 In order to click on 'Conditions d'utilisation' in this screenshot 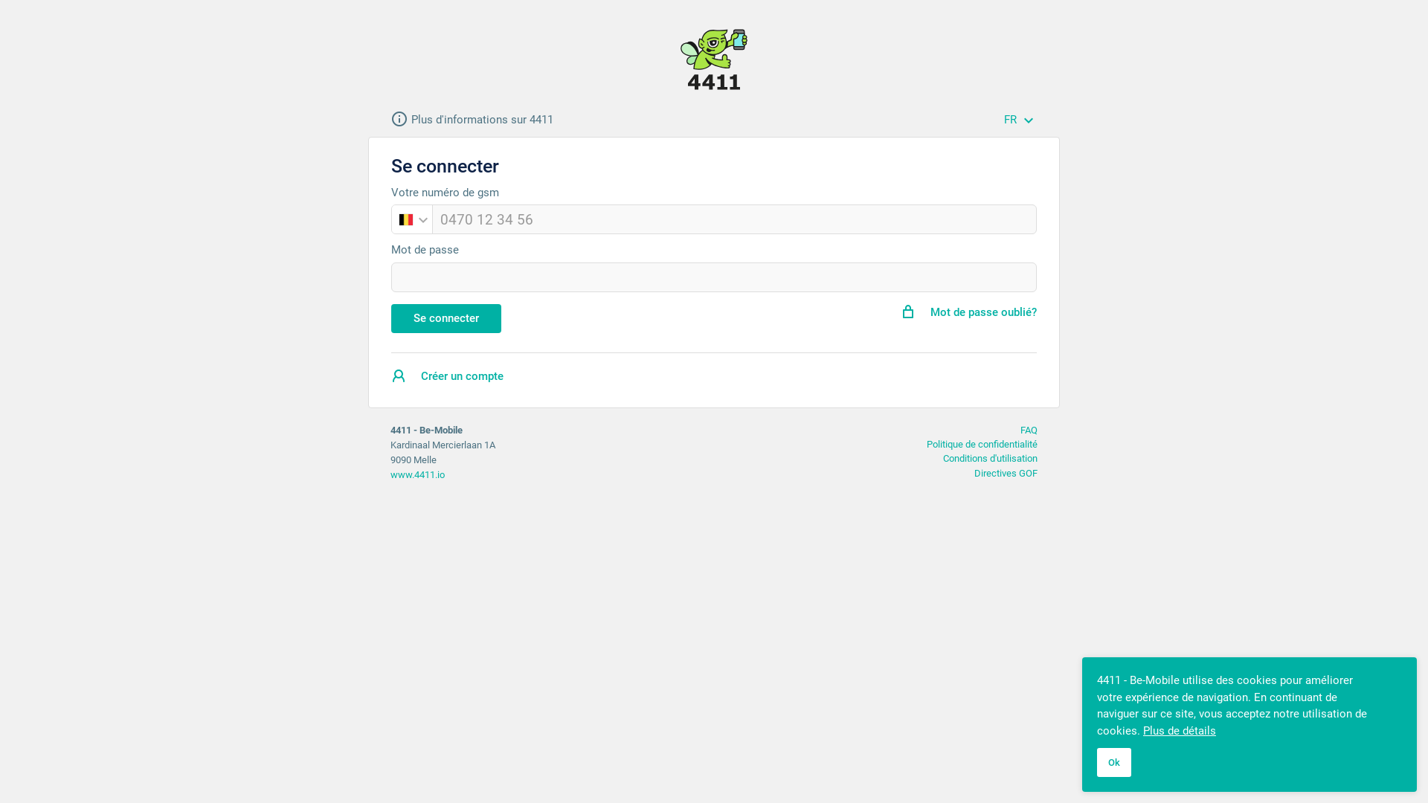, I will do `click(990, 457)`.